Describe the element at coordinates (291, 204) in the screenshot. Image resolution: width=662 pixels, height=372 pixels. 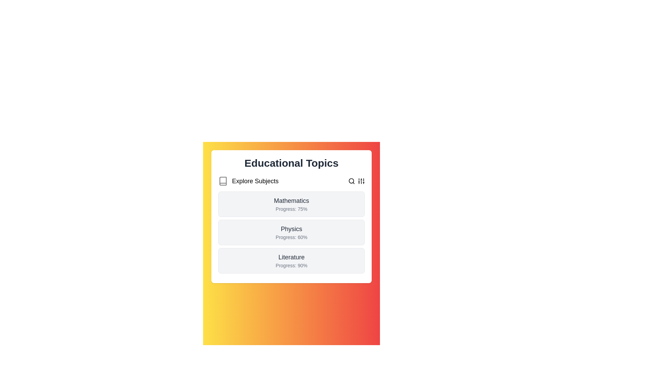
I see `the list item corresponding to Mathematics` at that location.